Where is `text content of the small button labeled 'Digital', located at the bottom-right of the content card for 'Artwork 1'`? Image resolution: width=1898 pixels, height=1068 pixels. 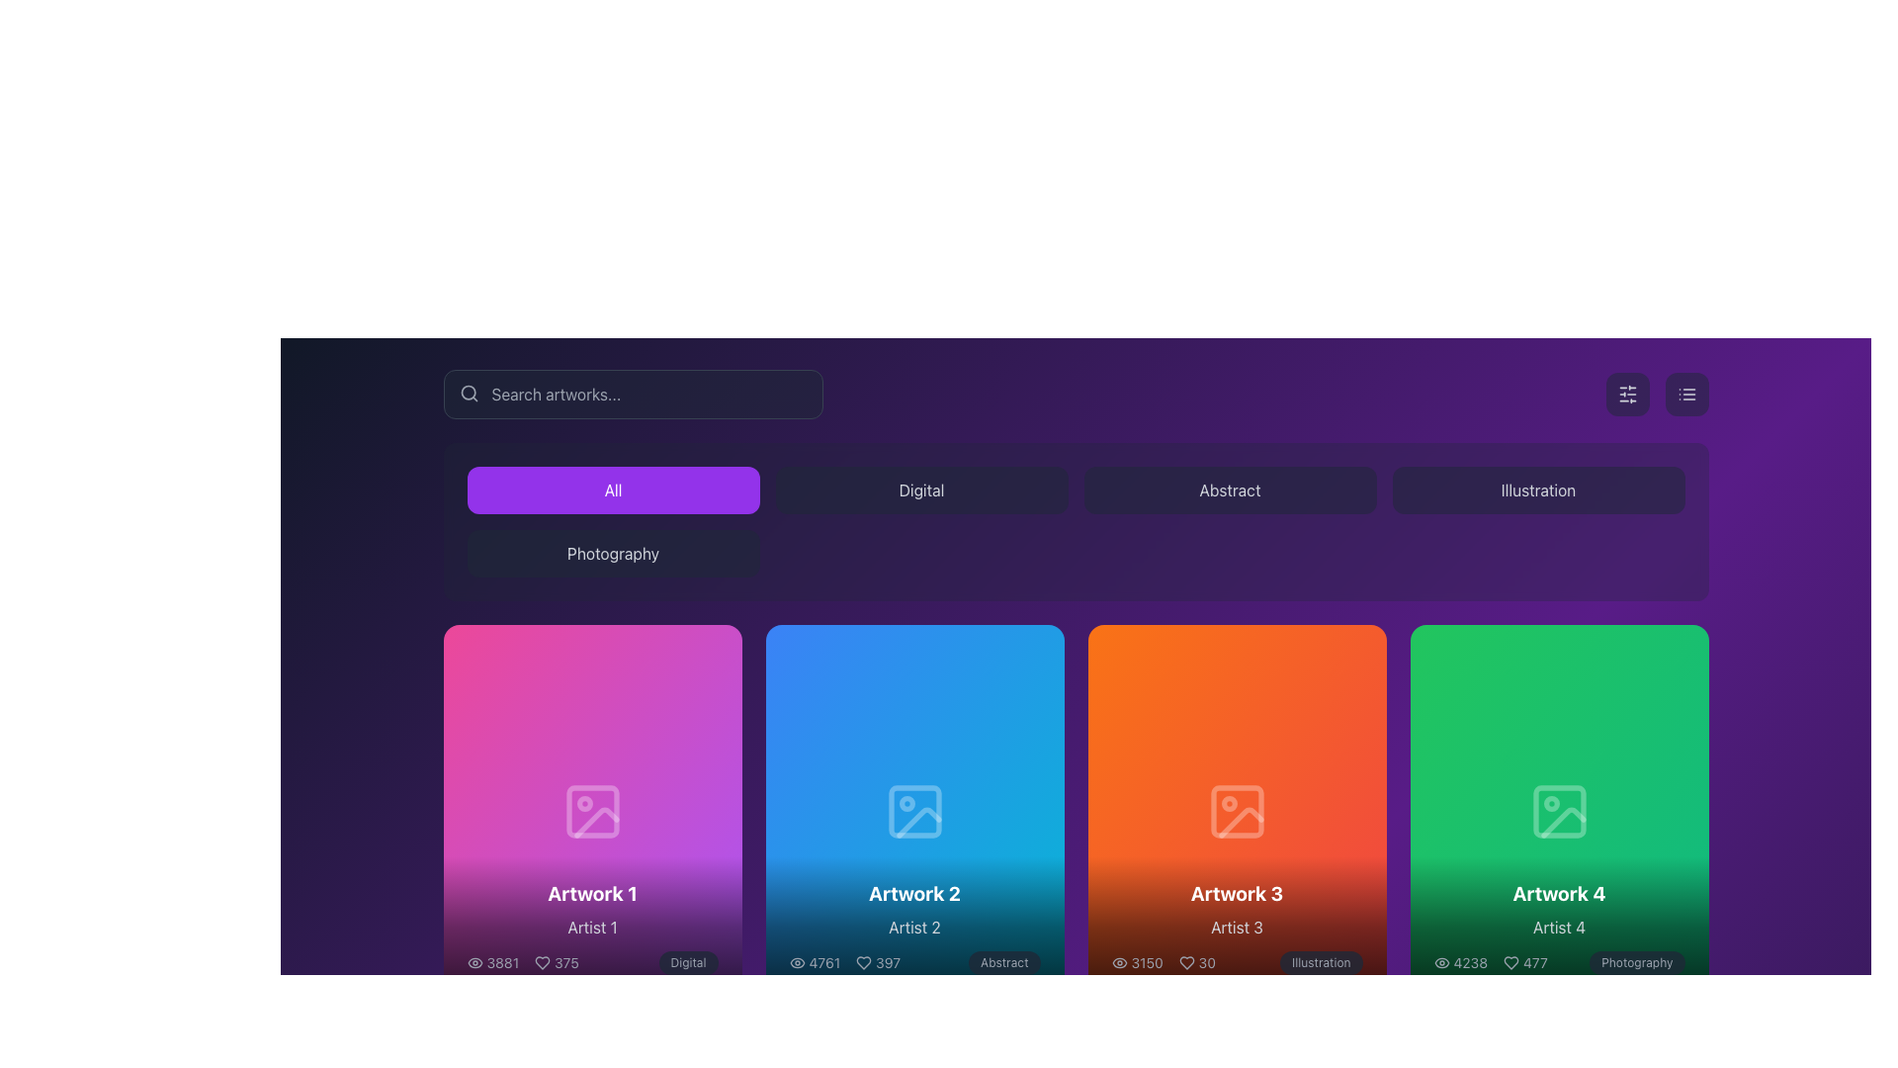
text content of the small button labeled 'Digital', located at the bottom-right of the content card for 'Artwork 1' is located at coordinates (688, 961).